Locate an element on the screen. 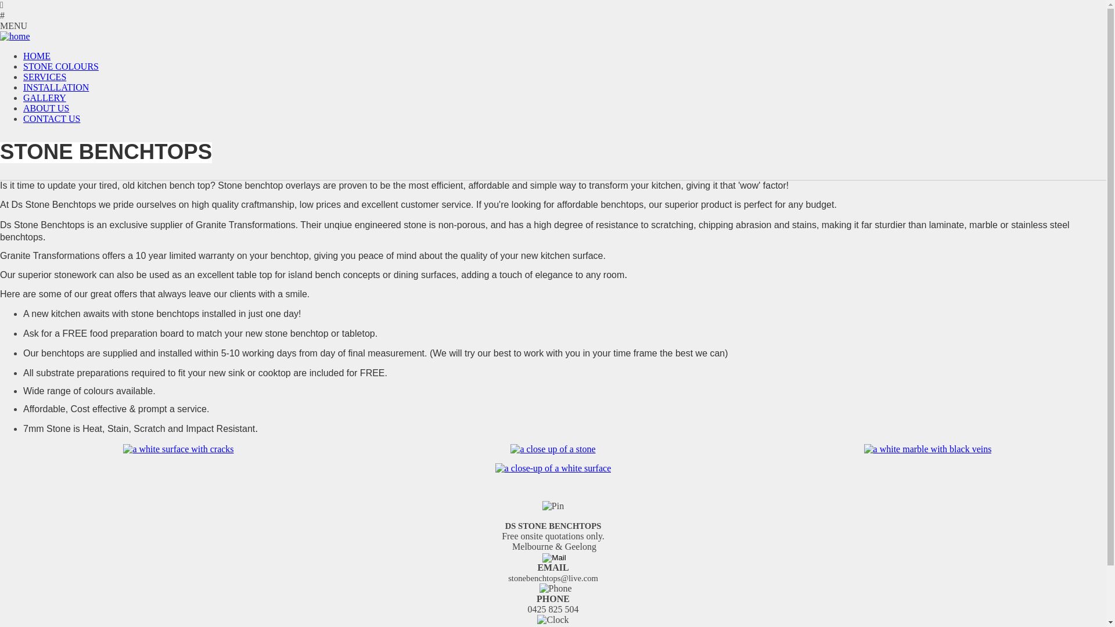  'HOME' is located at coordinates (37, 56).